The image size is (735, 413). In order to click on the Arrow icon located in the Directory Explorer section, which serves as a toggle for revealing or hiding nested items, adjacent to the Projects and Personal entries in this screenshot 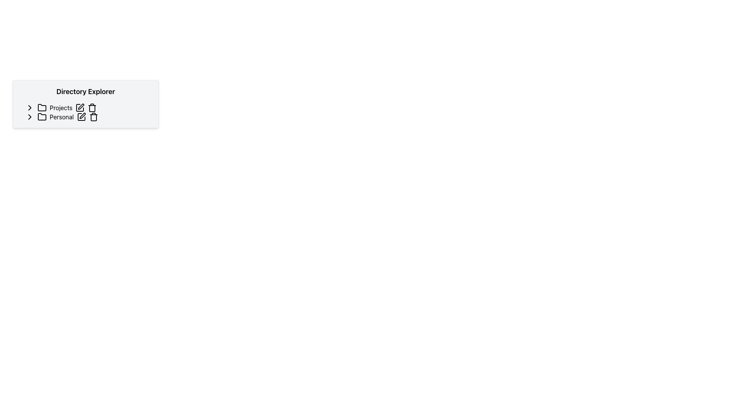, I will do `click(29, 117)`.